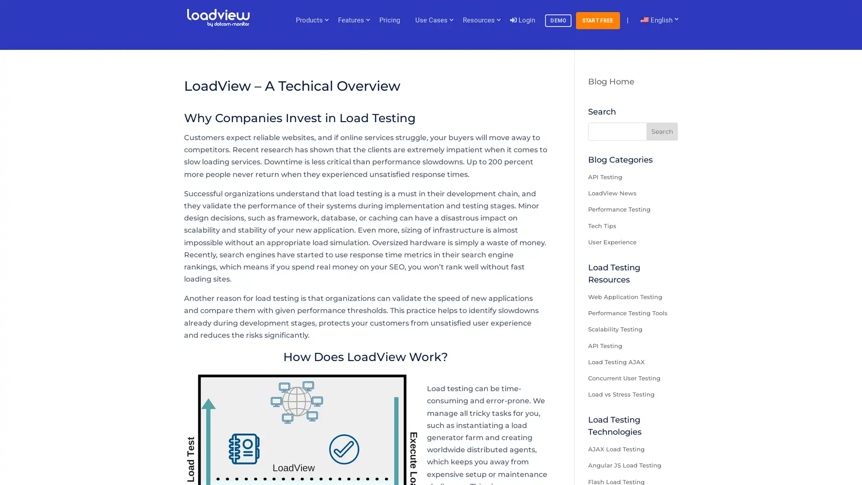  Describe the element at coordinates (662, 117) in the screenshot. I see `Search` at that location.